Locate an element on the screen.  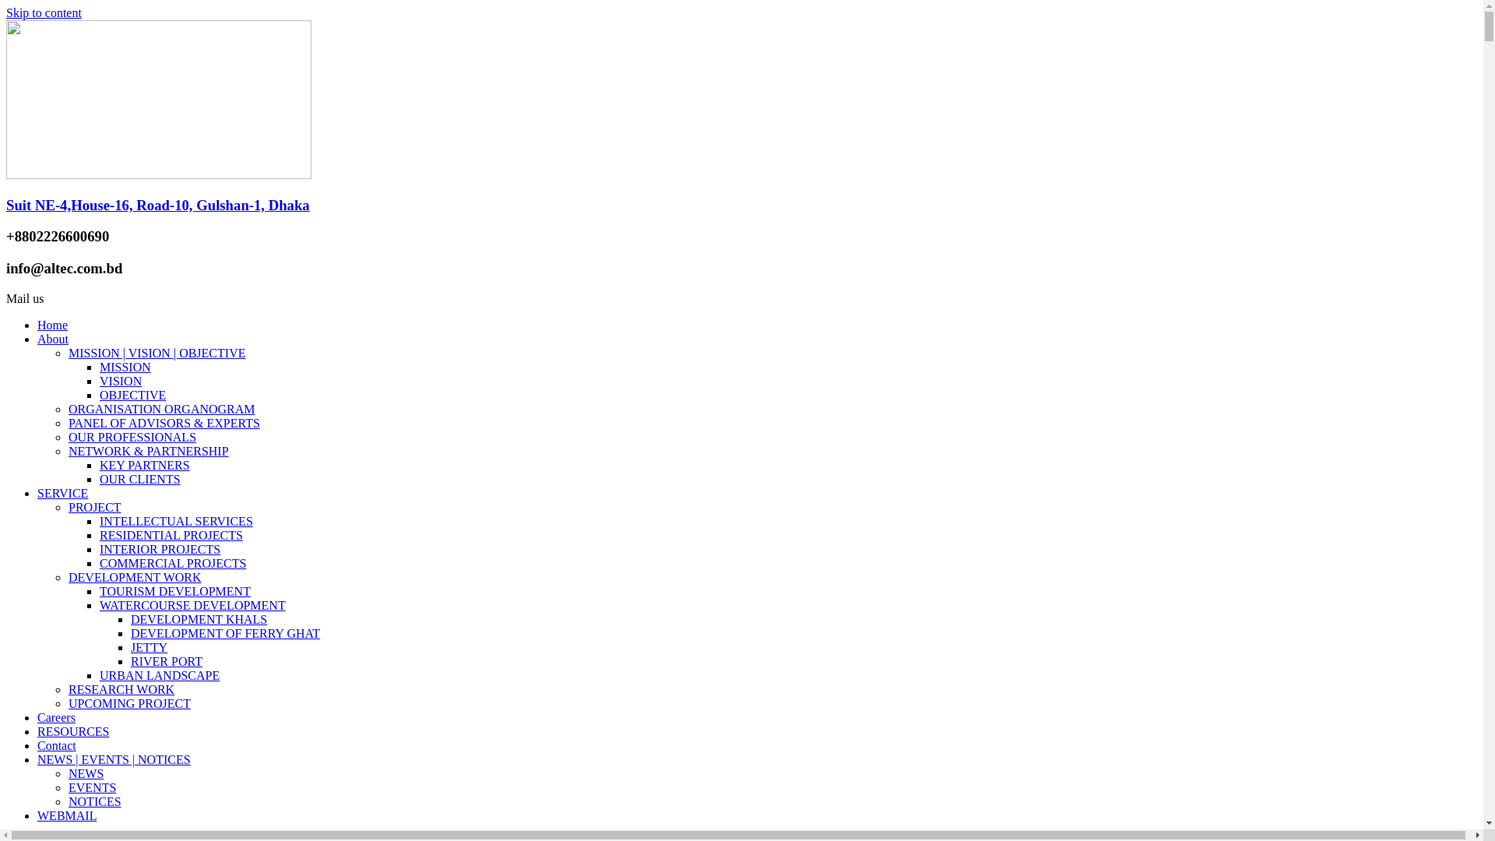
'URBAN LANDSCAPE' is located at coordinates (160, 674).